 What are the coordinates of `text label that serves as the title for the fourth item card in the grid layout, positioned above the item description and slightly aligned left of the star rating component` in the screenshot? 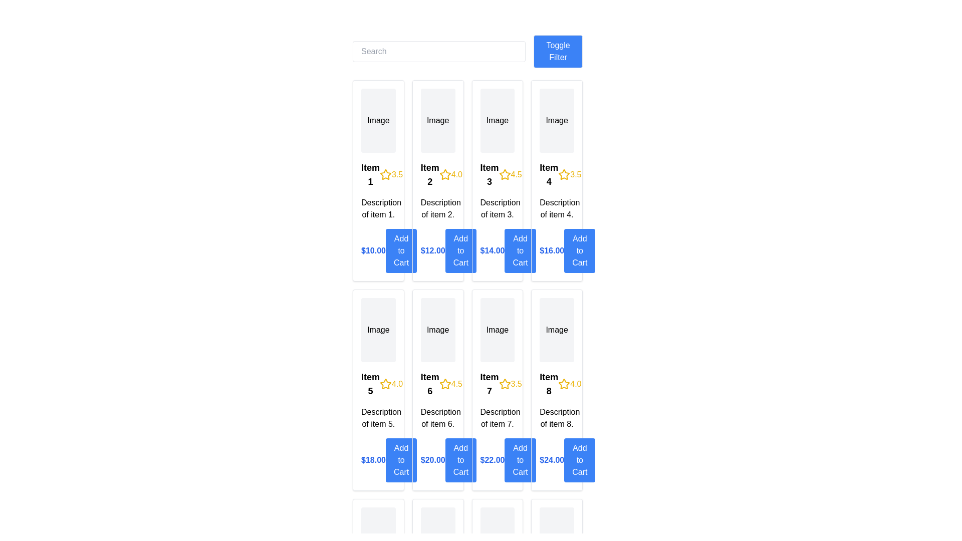 It's located at (548, 174).